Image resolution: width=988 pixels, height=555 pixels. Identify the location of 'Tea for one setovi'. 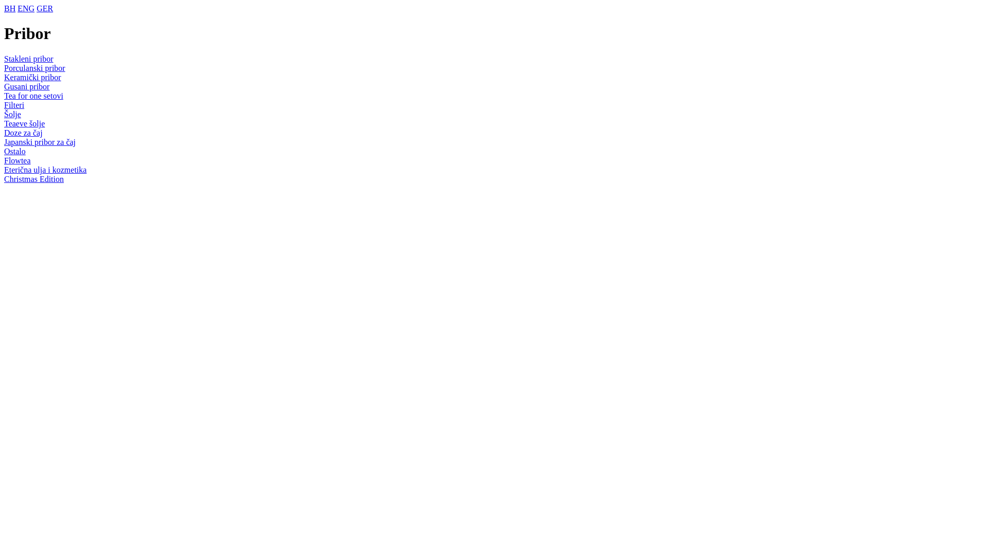
(33, 96).